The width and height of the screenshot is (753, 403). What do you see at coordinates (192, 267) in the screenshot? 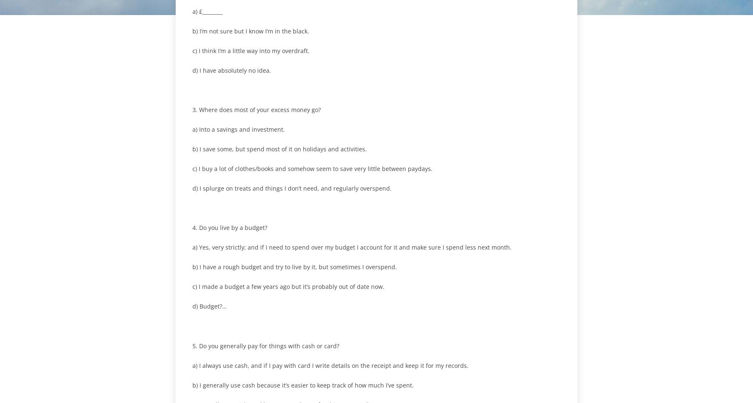
I see `'b) I have a rough budget and try to live by it, but sometimes I overspend.'` at bounding box center [192, 267].